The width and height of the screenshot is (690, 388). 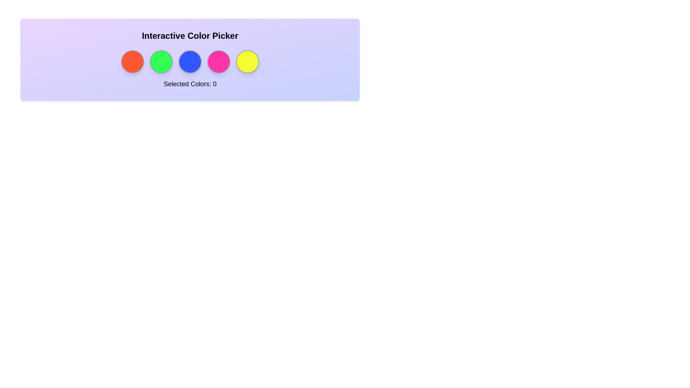 What do you see at coordinates (161, 61) in the screenshot?
I see `the circle corresponding to the color green` at bounding box center [161, 61].